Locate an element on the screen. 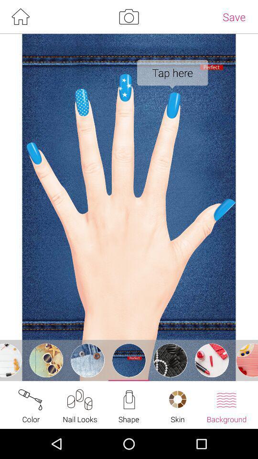  the home icon is located at coordinates (20, 17).